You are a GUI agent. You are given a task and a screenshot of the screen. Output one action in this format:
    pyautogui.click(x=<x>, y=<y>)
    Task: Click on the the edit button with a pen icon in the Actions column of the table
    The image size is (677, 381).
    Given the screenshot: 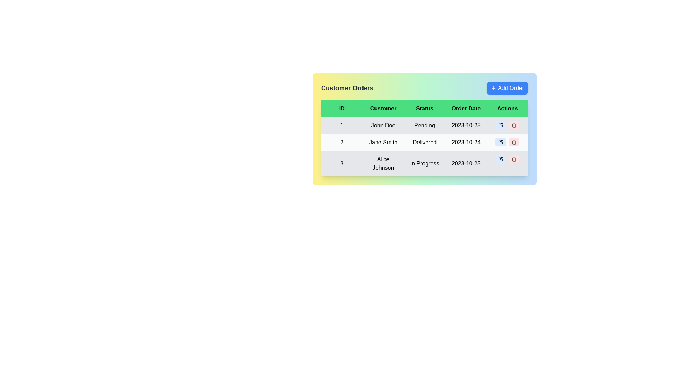 What is the action you would take?
    pyautogui.click(x=500, y=125)
    